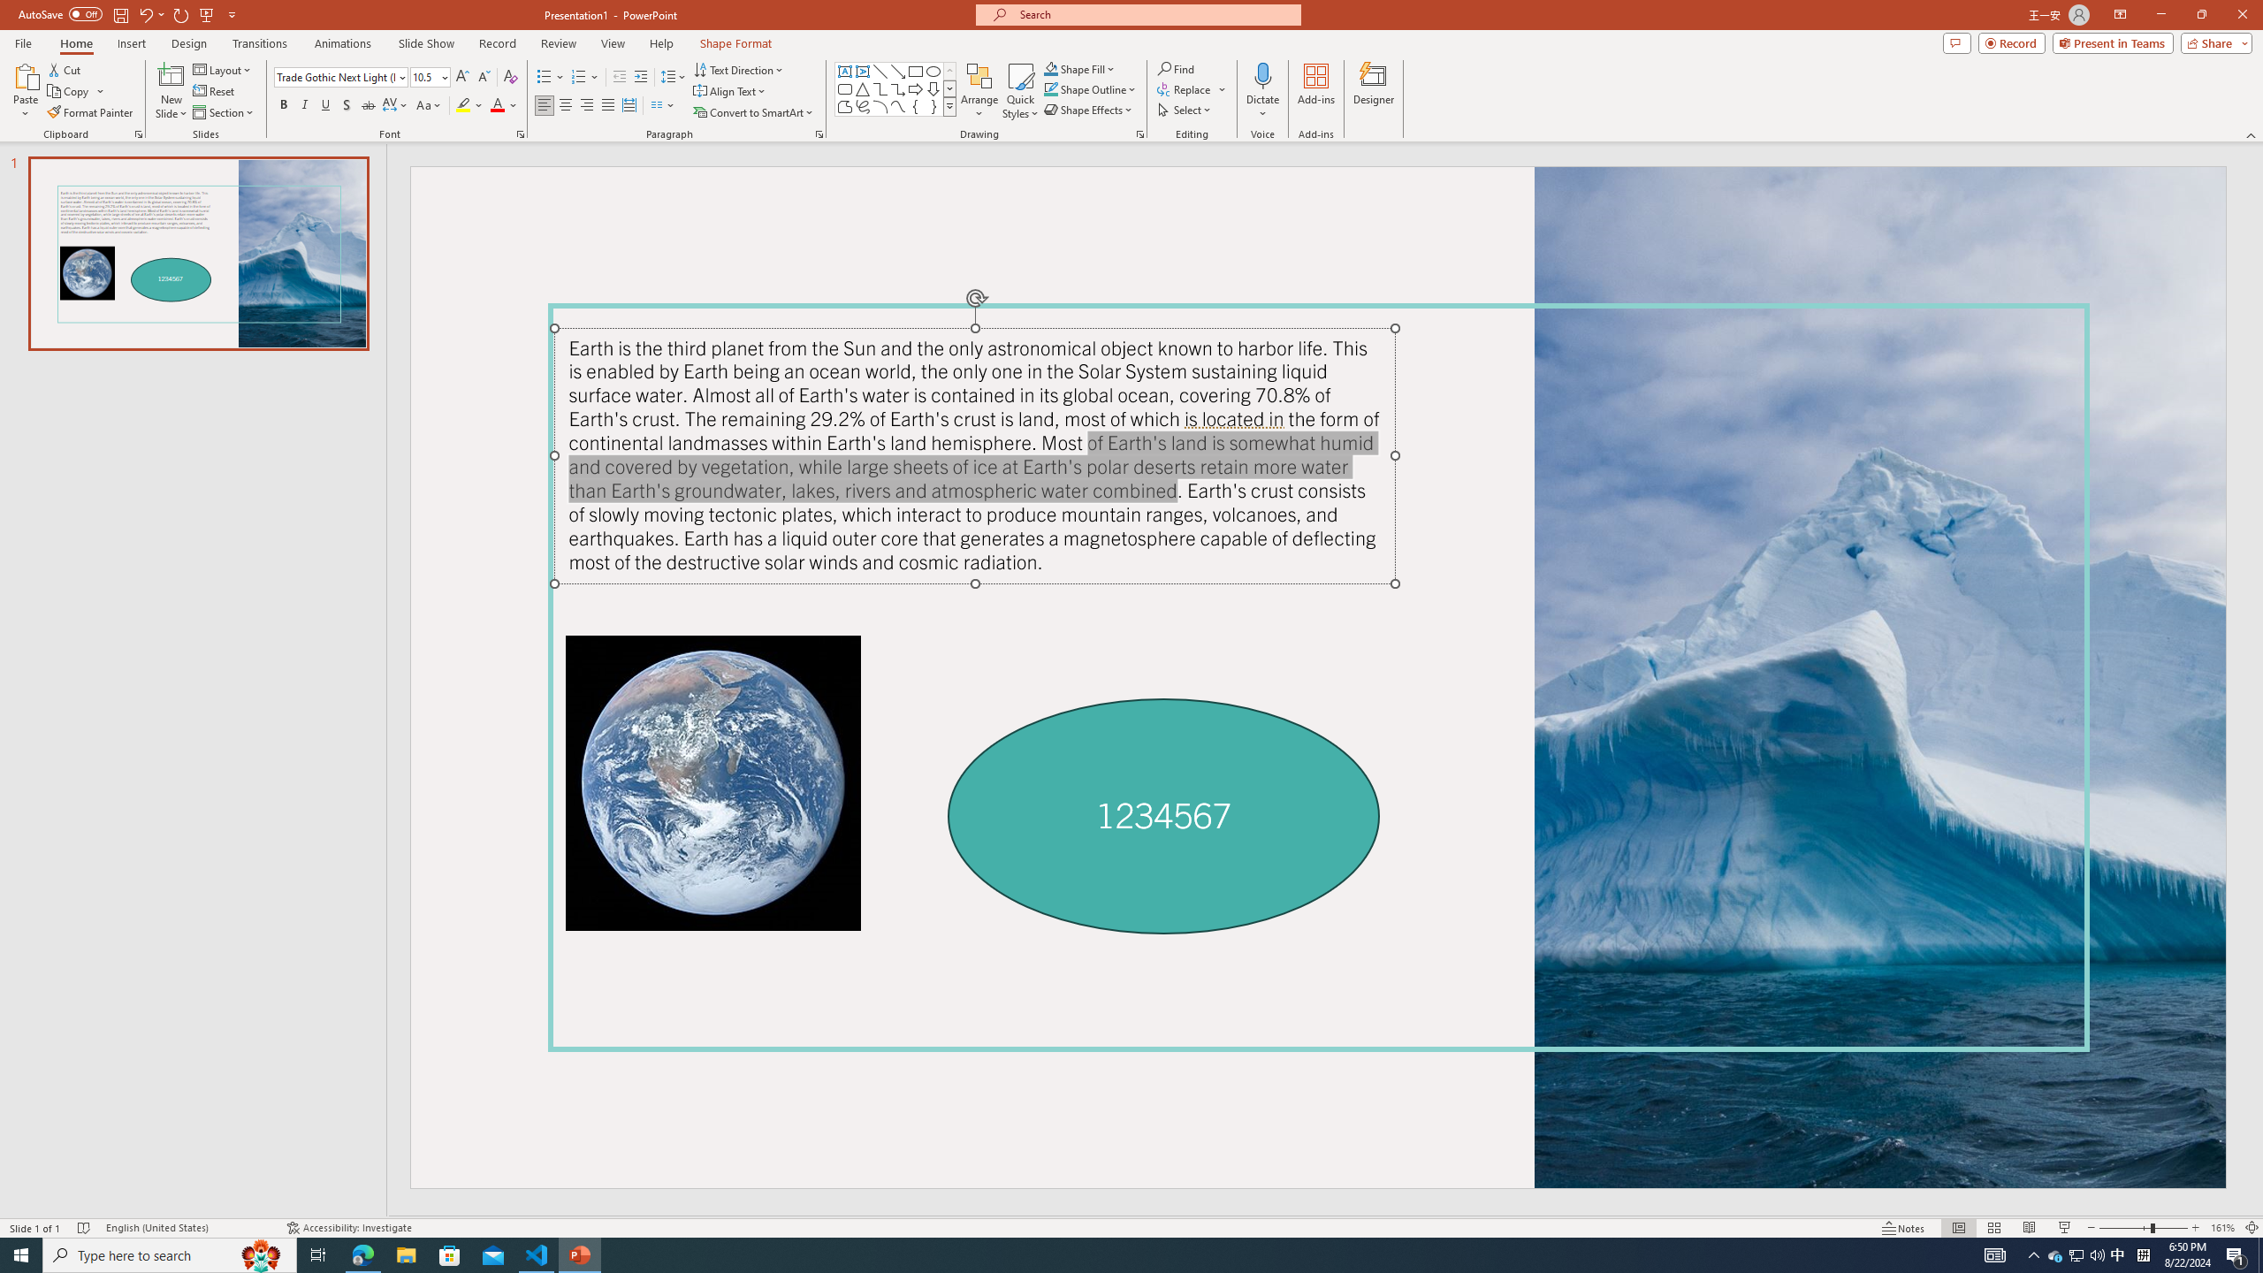 The height and width of the screenshot is (1273, 2263). Describe the element at coordinates (1051, 88) in the screenshot. I see `'Shape Outline Teal, Accent 1'` at that location.